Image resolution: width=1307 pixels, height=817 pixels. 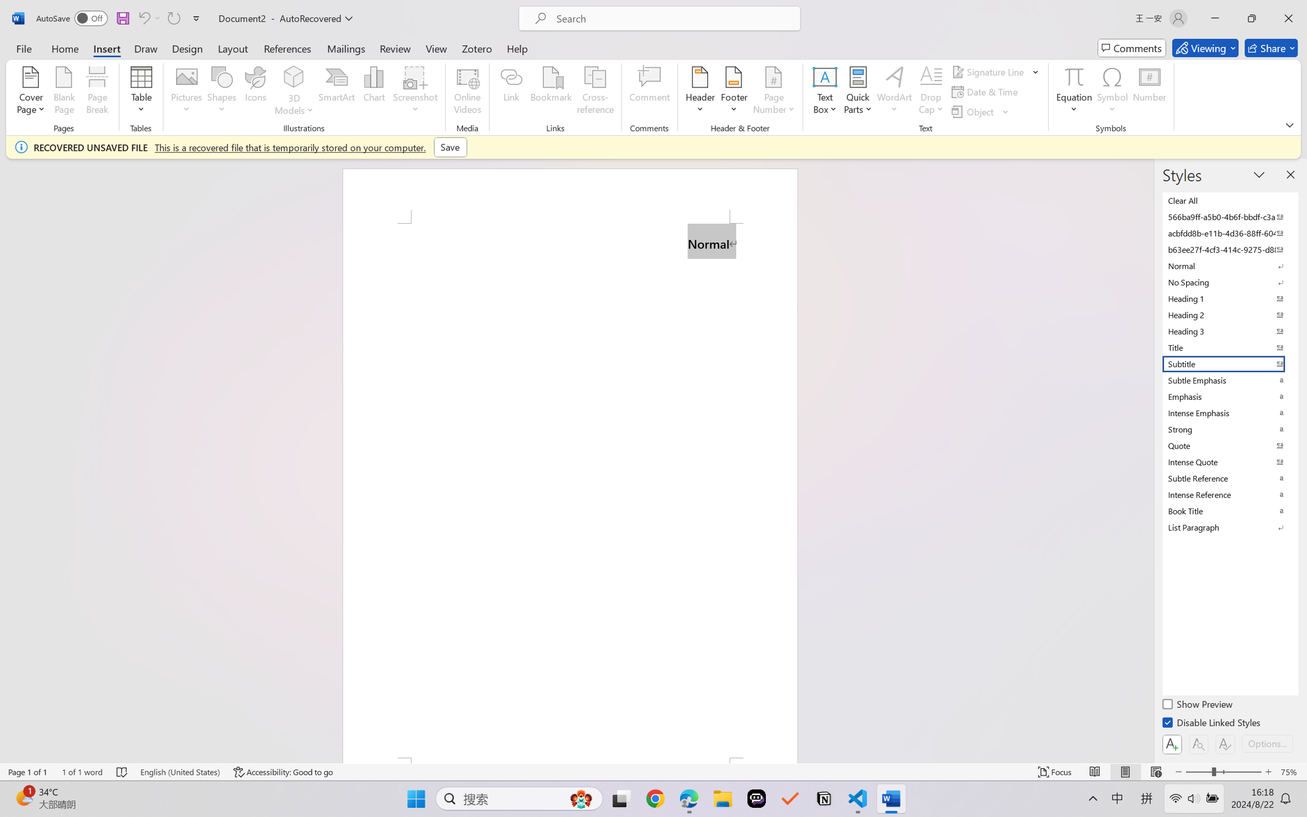 What do you see at coordinates (143, 18) in the screenshot?
I see `'Can'` at bounding box center [143, 18].